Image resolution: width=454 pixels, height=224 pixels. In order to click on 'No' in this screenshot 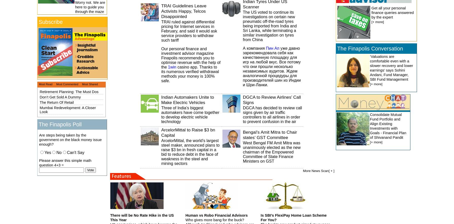, I will do `click(59, 152)`.